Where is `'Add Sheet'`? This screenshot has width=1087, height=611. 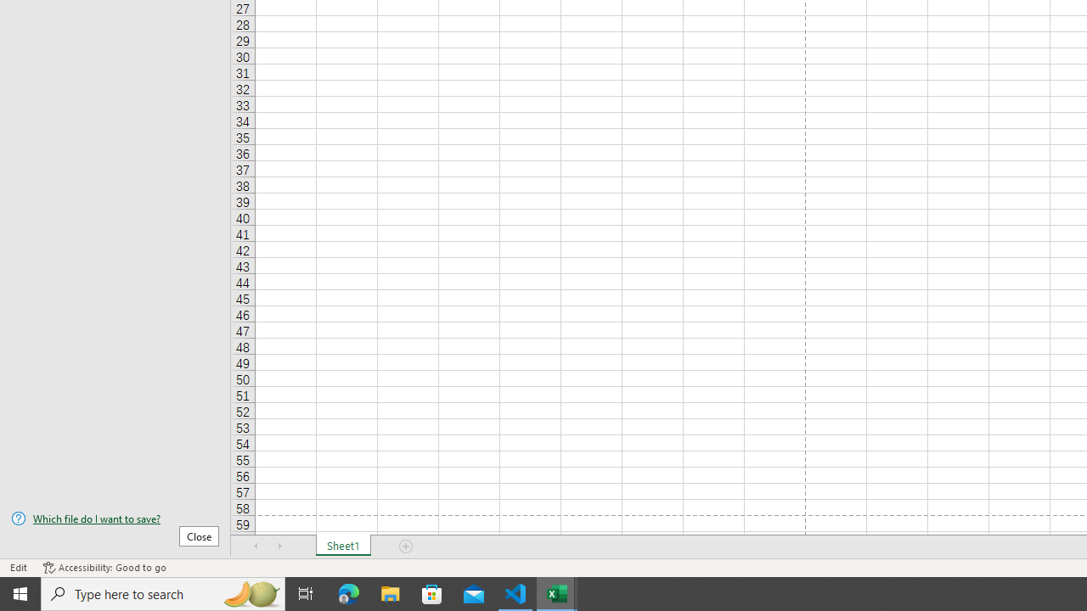
'Add Sheet' is located at coordinates (405, 547).